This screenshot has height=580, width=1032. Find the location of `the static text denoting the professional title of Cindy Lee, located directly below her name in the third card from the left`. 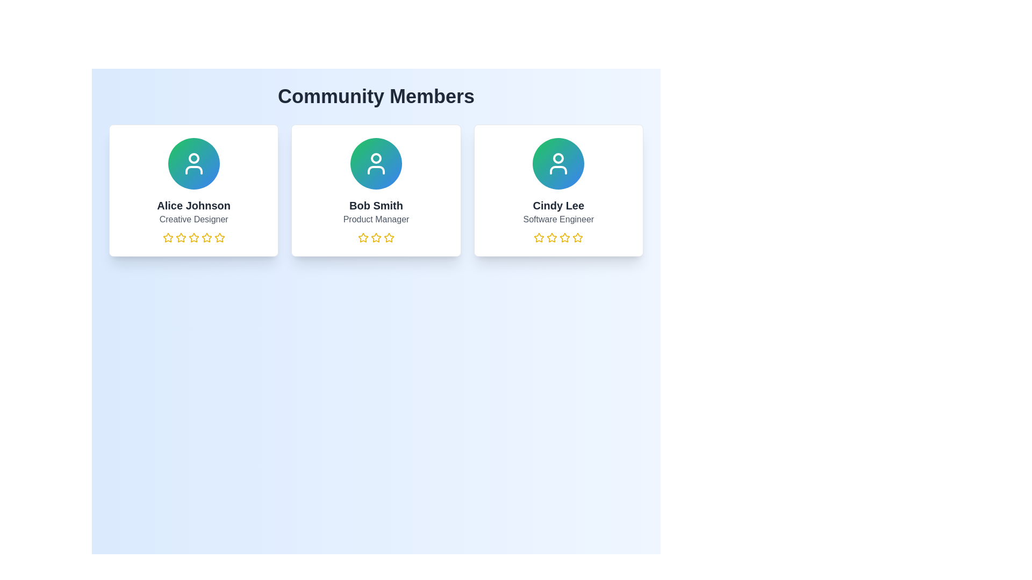

the static text denoting the professional title of Cindy Lee, located directly below her name in the third card from the left is located at coordinates (558, 219).